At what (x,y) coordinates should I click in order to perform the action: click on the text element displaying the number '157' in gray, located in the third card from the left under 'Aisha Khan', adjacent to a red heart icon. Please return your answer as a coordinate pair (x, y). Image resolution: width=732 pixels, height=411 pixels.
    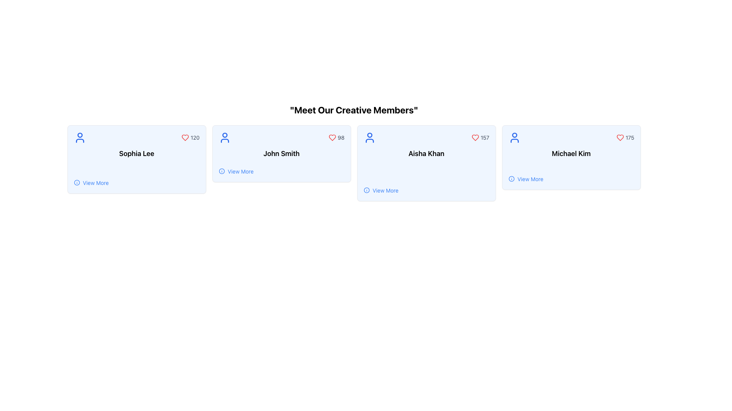
    Looking at the image, I should click on (485, 138).